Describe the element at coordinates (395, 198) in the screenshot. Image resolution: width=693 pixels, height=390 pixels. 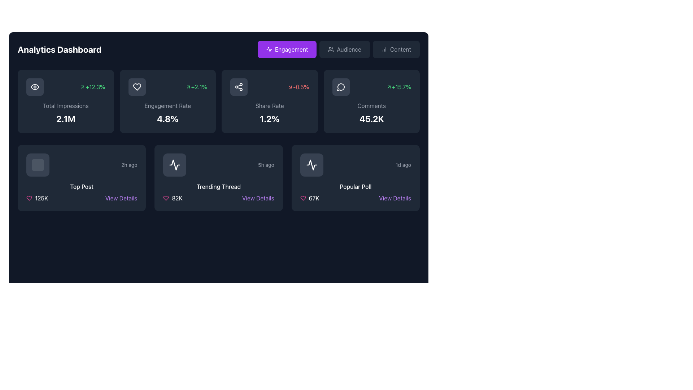
I see `the 'View Details' text link styled in purple that changes to a lighter purple on hover, located in the bottom-right section of the third card in the analytics data grid` at that location.